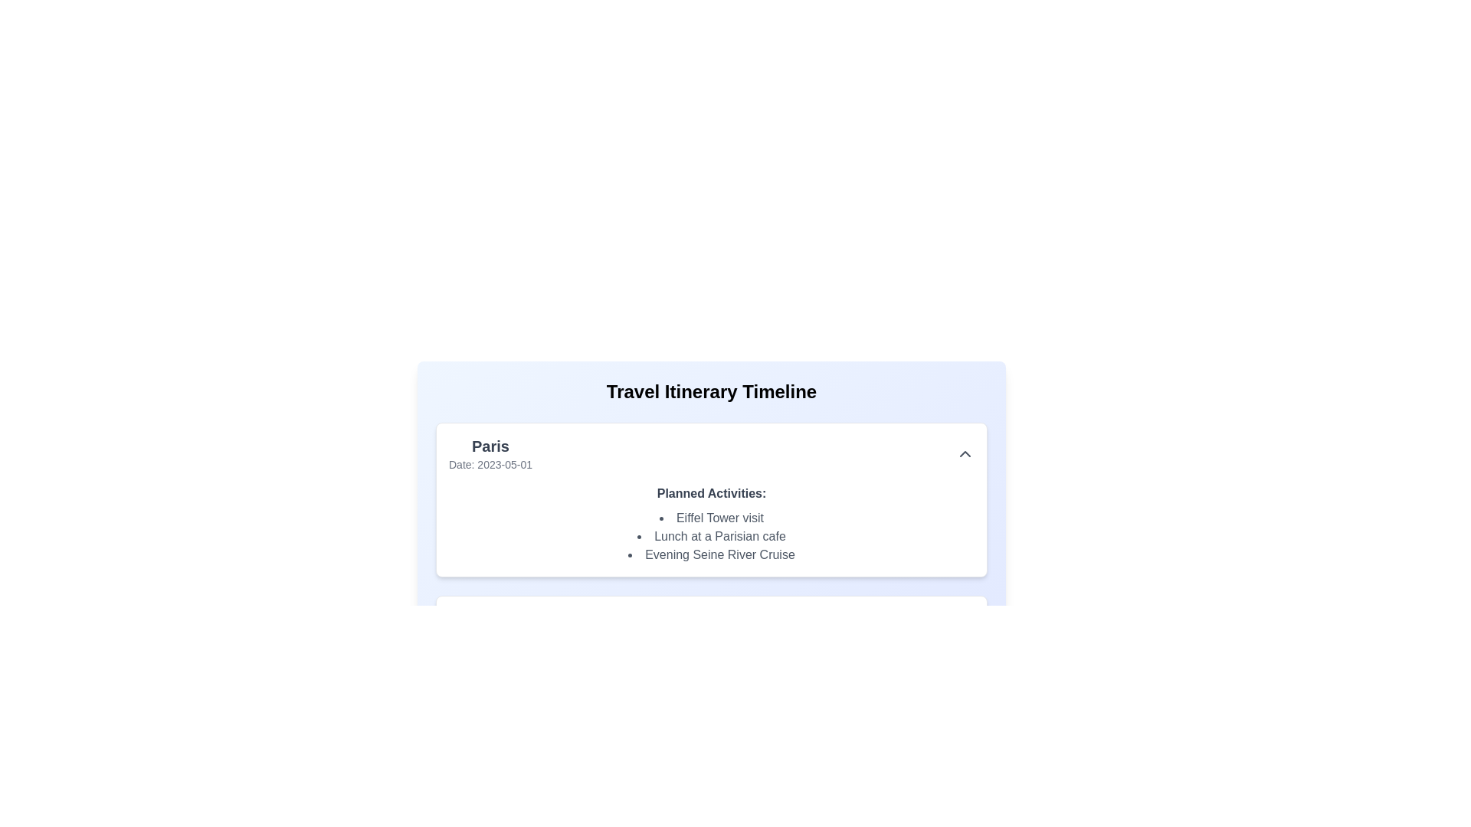 This screenshot has height=827, width=1471. What do you see at coordinates (711, 536) in the screenshot?
I see `the list representing planned activities for a specific part of the itinerary, located centrally beneath the header 'Planned Activities:'` at bounding box center [711, 536].